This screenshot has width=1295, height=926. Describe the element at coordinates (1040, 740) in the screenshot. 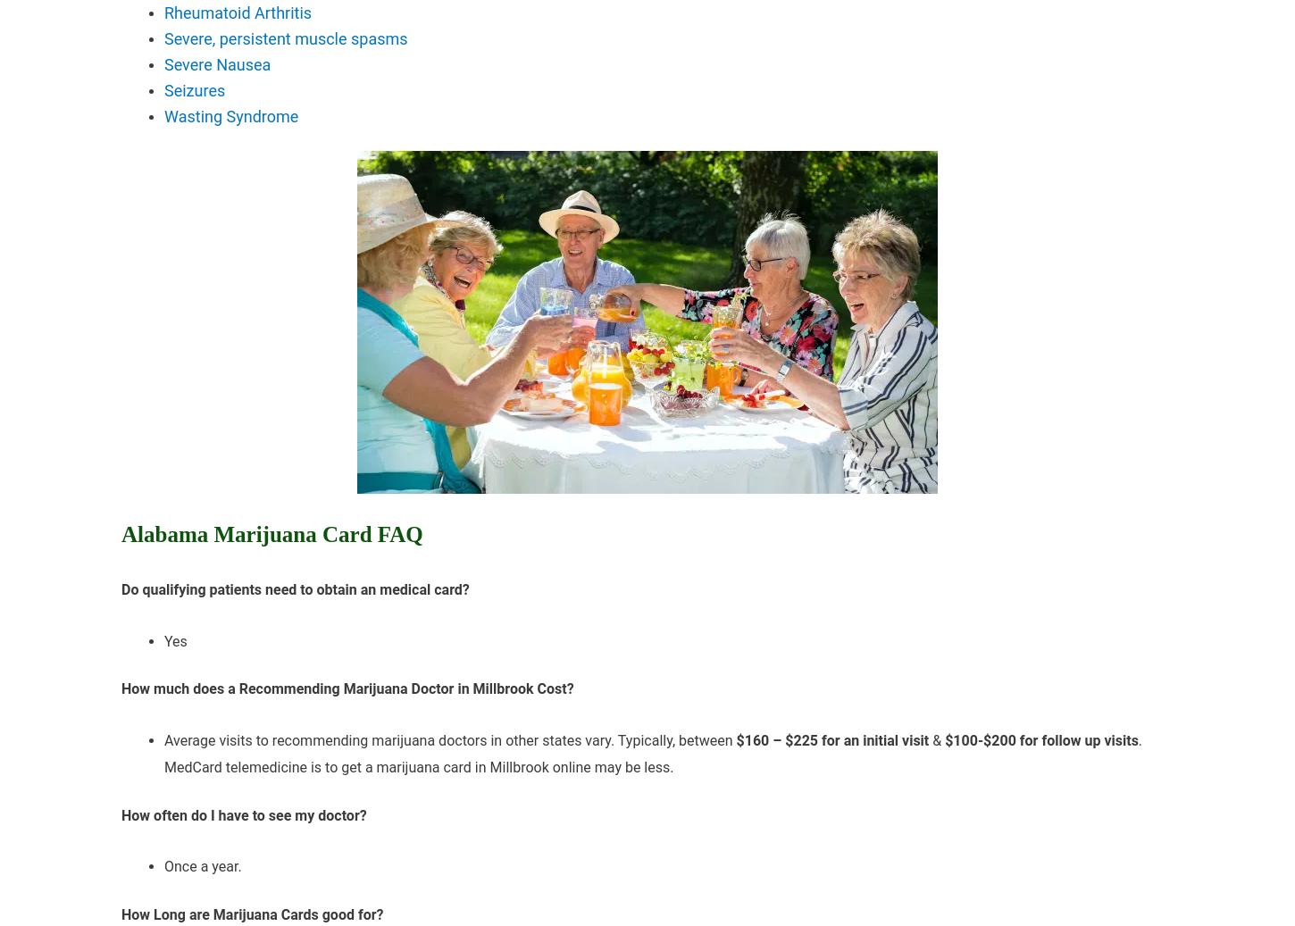

I see `'$100-$200 for follow up visits'` at that location.